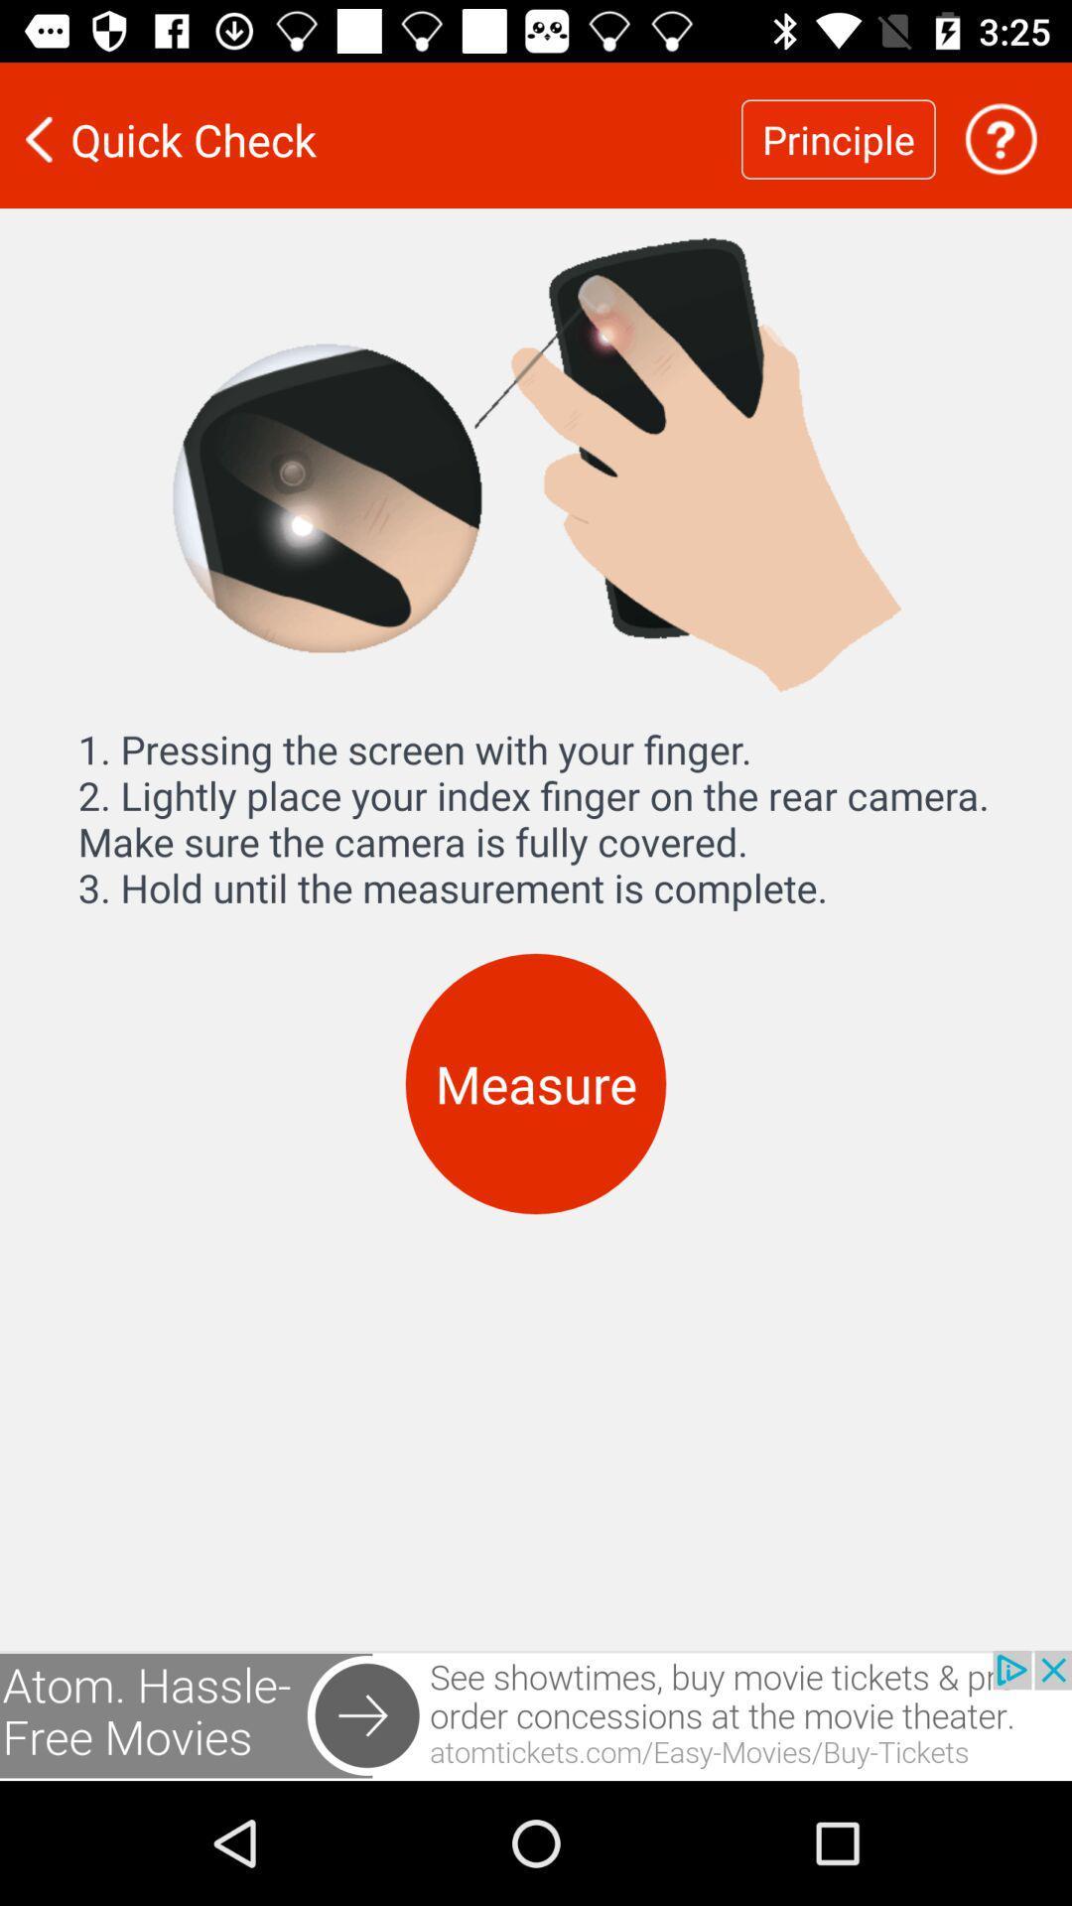  Describe the element at coordinates (1001, 138) in the screenshot. I see `help` at that location.